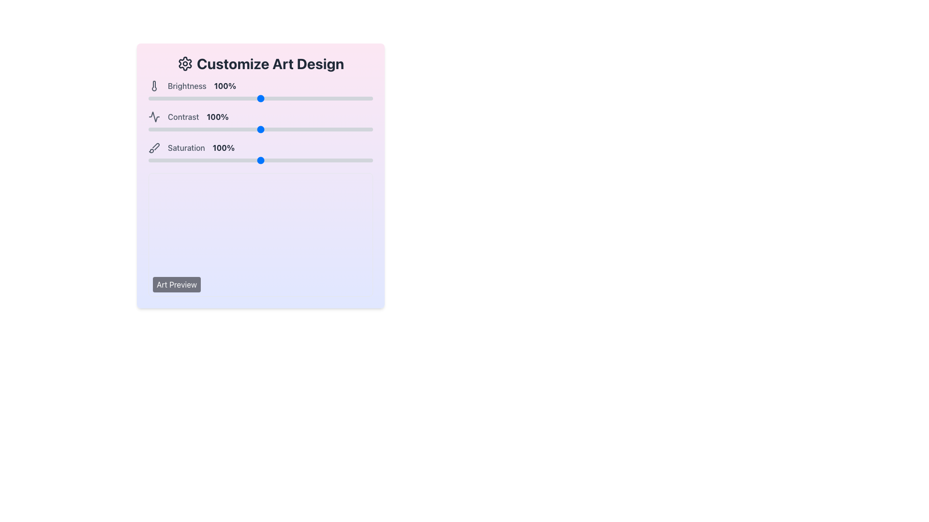 The height and width of the screenshot is (522, 929). Describe the element at coordinates (248, 159) in the screenshot. I see `the saturation level` at that location.